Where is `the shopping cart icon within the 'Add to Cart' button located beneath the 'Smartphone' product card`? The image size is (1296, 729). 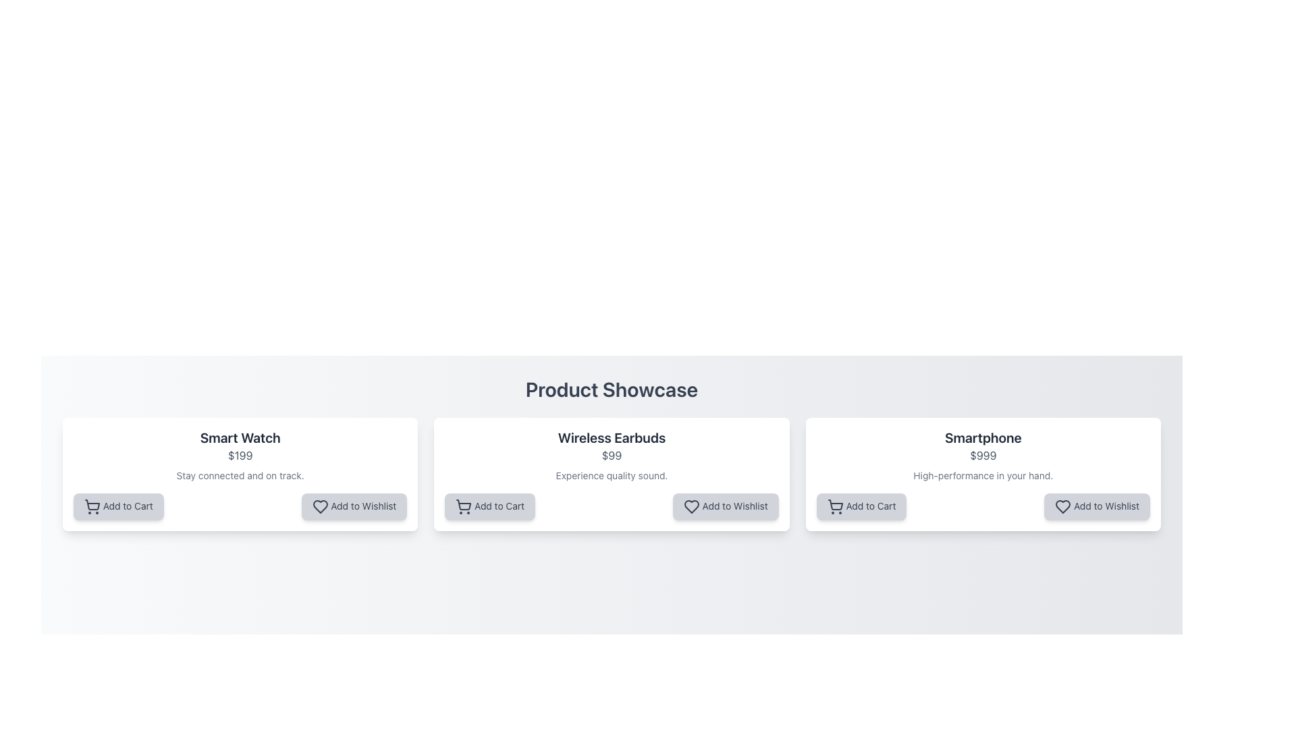
the shopping cart icon within the 'Add to Cart' button located beneath the 'Smartphone' product card is located at coordinates (834, 505).